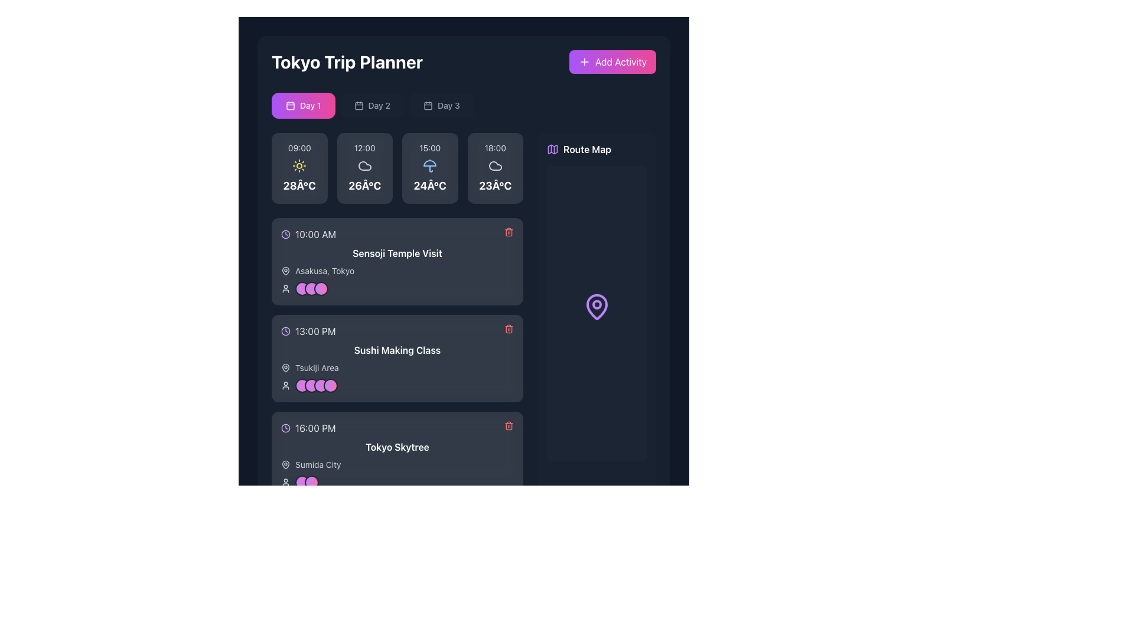 Image resolution: width=1134 pixels, height=638 pixels. What do you see at coordinates (299, 186) in the screenshot?
I see `the text label displaying '28Â°C', which is bold and white on a dark background, positioned below '09:00' and above a sun icon in the first card of a horizontal time overview` at bounding box center [299, 186].